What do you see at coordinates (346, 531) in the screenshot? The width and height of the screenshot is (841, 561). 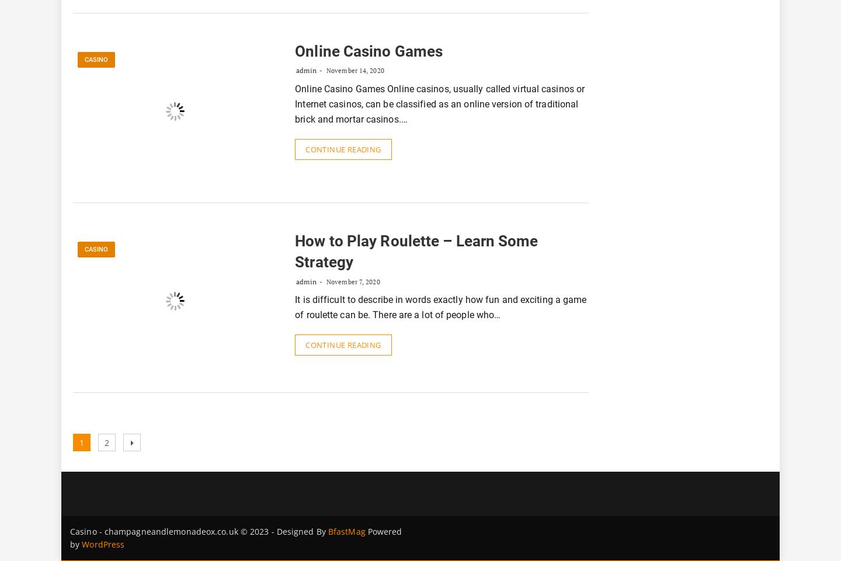 I see `'BfastMag'` at bounding box center [346, 531].